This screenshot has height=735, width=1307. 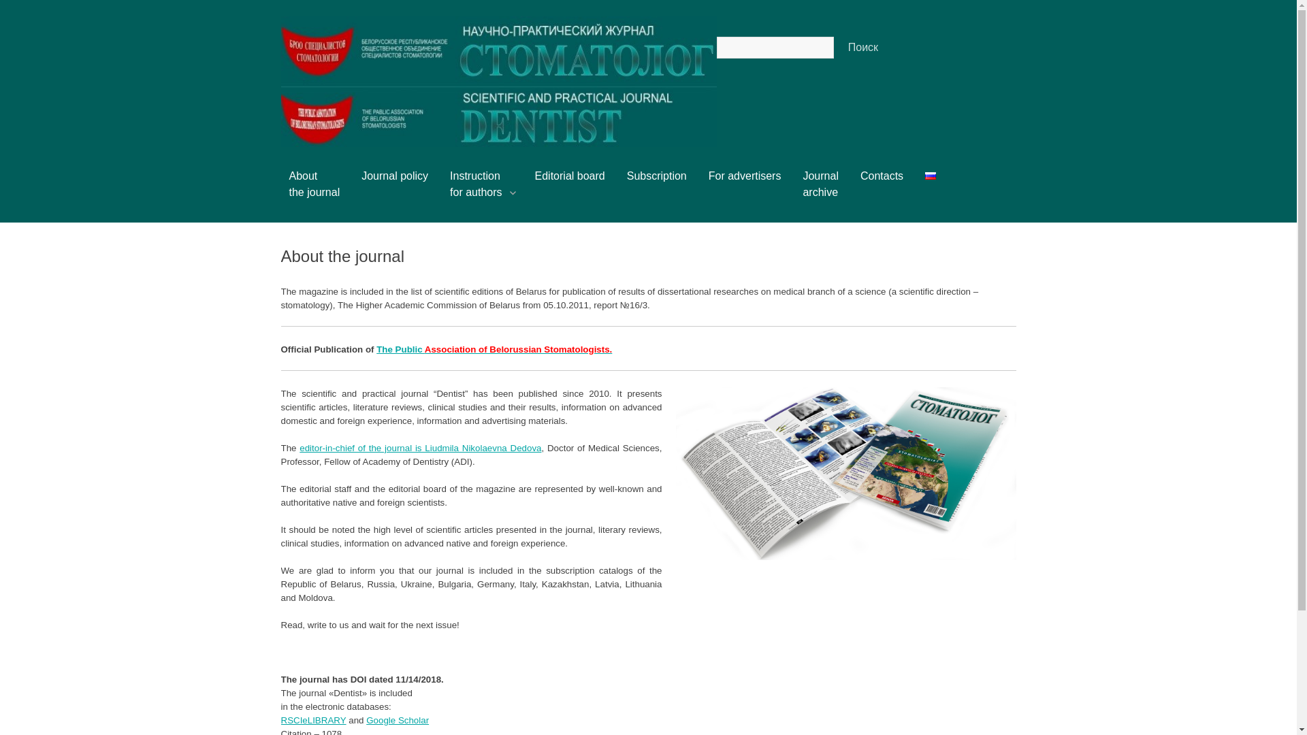 I want to click on 'Subscription', so click(x=626, y=180).